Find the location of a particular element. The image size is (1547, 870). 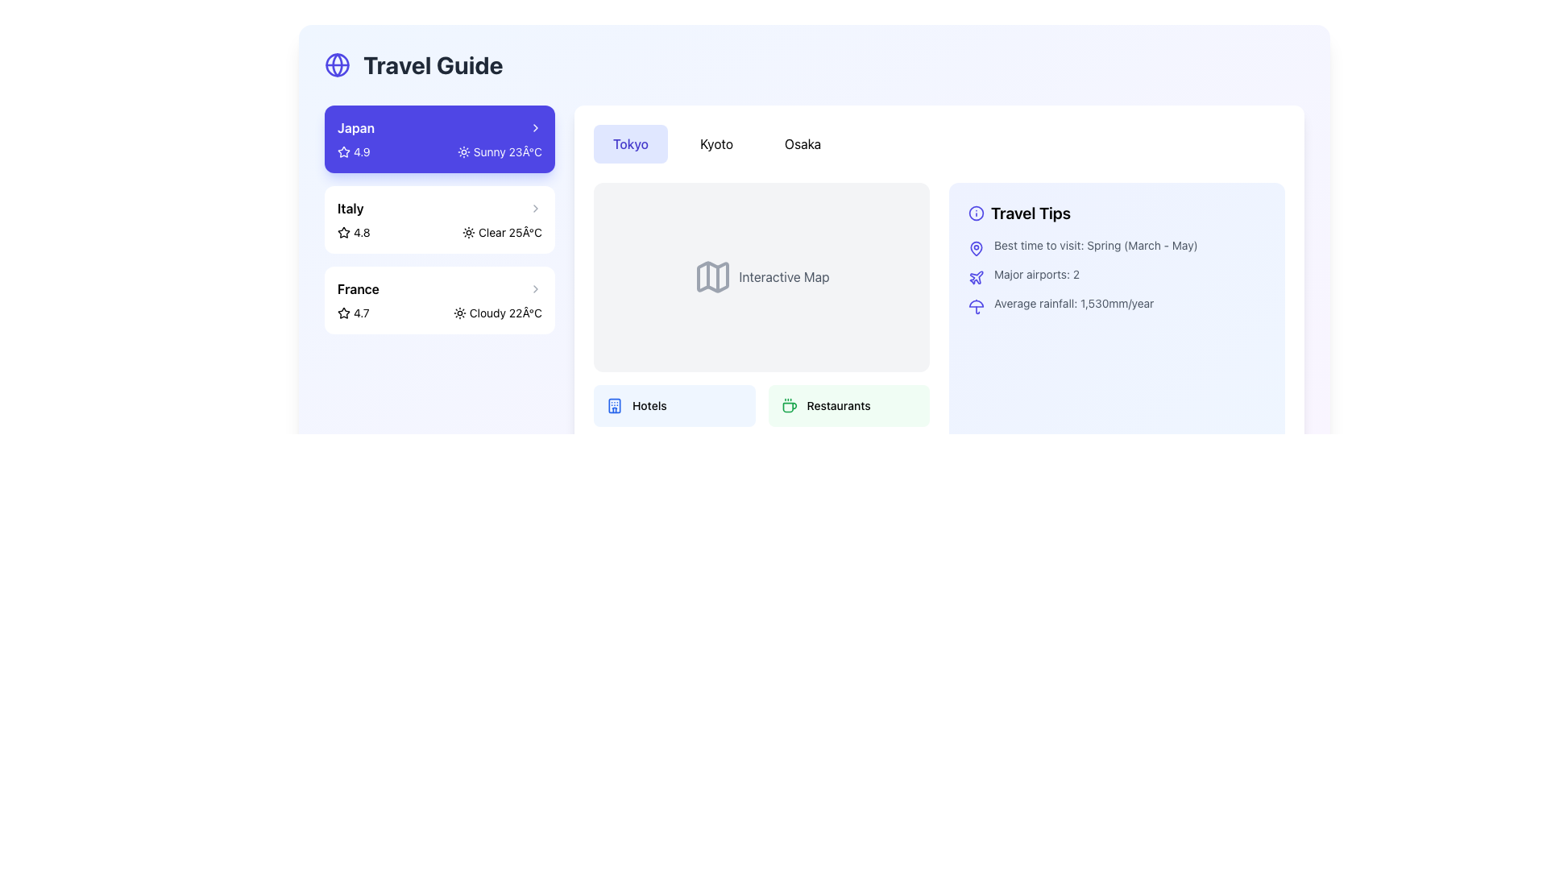

the static label displaying the rating '4.9' which is styled with white color on a bold blue background, located within the 'Japan' card, next to the star icon is located at coordinates (361, 152).